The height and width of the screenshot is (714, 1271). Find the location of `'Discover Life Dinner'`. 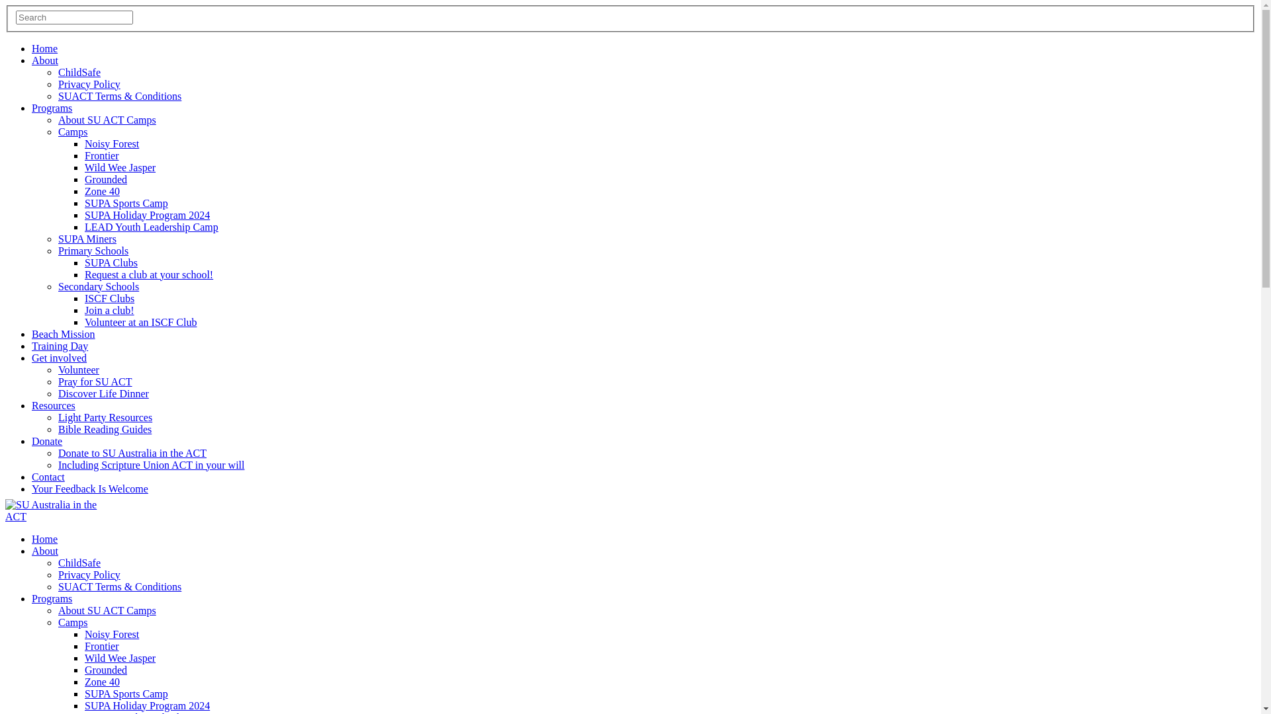

'Discover Life Dinner' is located at coordinates (103, 393).